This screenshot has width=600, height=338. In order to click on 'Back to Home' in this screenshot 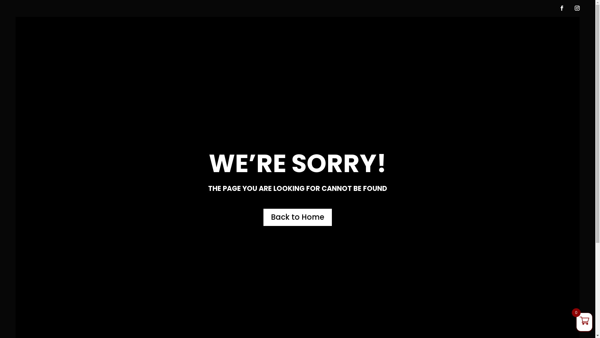, I will do `click(297, 217)`.